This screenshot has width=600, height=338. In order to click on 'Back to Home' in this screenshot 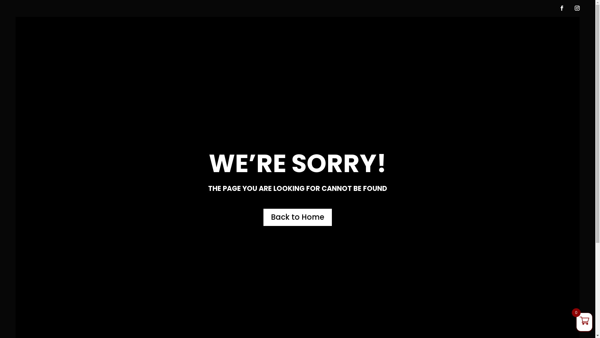, I will do `click(297, 217)`.